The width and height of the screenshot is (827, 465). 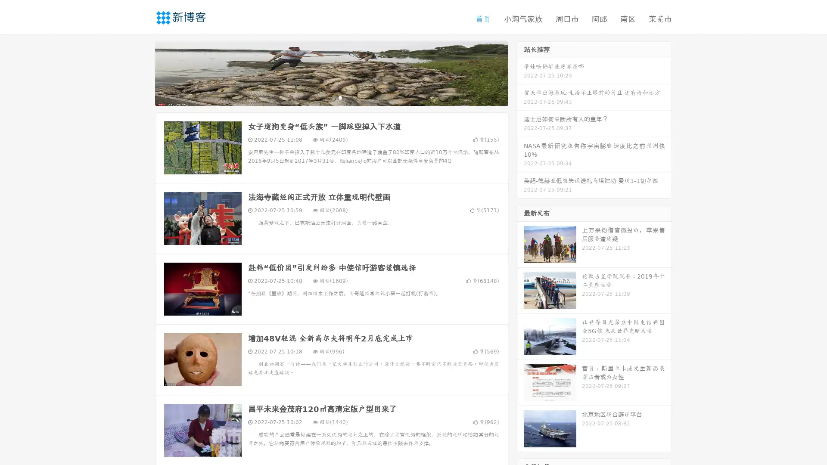 What do you see at coordinates (520, 72) in the screenshot?
I see `Next slide` at bounding box center [520, 72].